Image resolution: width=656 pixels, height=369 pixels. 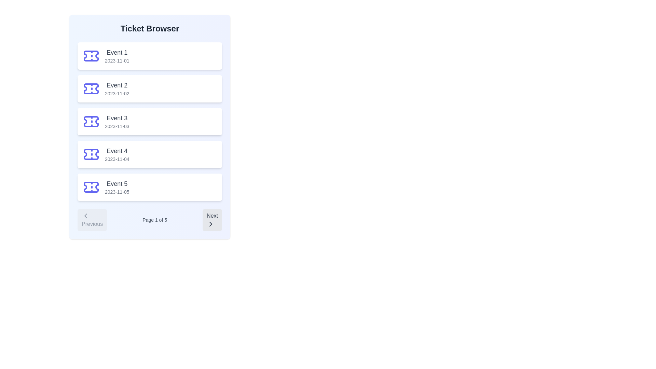 I want to click on the static text label displaying the date associated with 'Event 1', which is located inside the first event box in a vertical list of events, positioned below the sibling element with the text 'Event 1', so click(x=117, y=60).